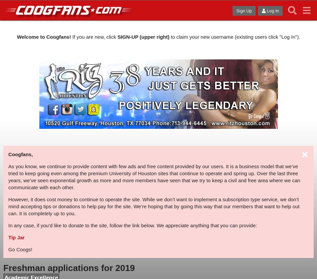 The width and height of the screenshot is (317, 279). Describe the element at coordinates (20, 154) in the screenshot. I see `'Coogfans,'` at that location.